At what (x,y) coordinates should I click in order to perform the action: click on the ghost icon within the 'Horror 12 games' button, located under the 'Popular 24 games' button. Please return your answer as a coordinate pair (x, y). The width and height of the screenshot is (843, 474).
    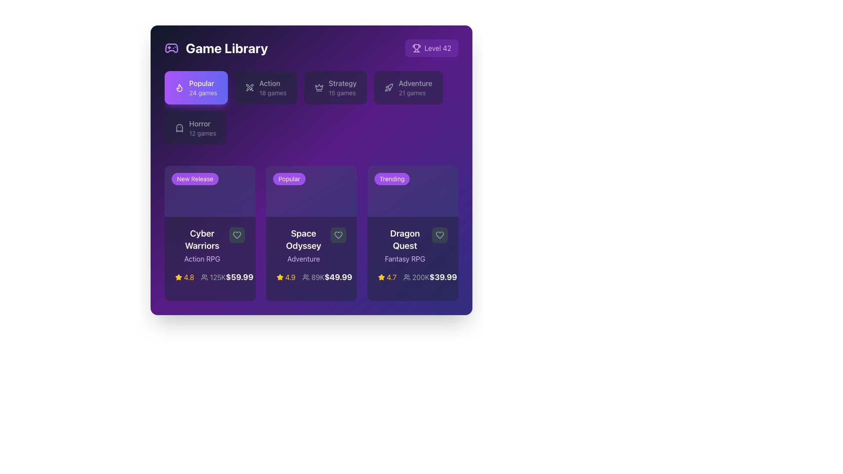
    Looking at the image, I should click on (179, 128).